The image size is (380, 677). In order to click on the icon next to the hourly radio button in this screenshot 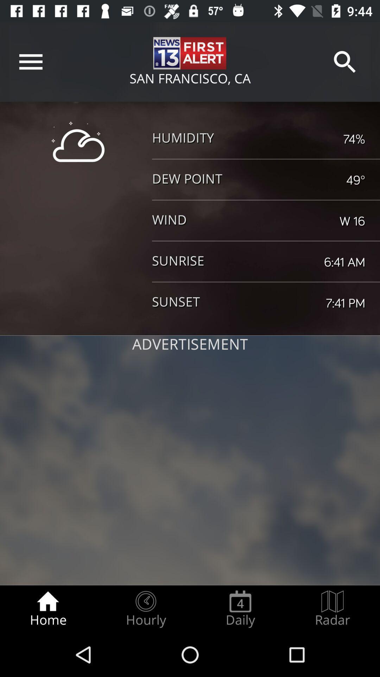, I will do `click(240, 609)`.